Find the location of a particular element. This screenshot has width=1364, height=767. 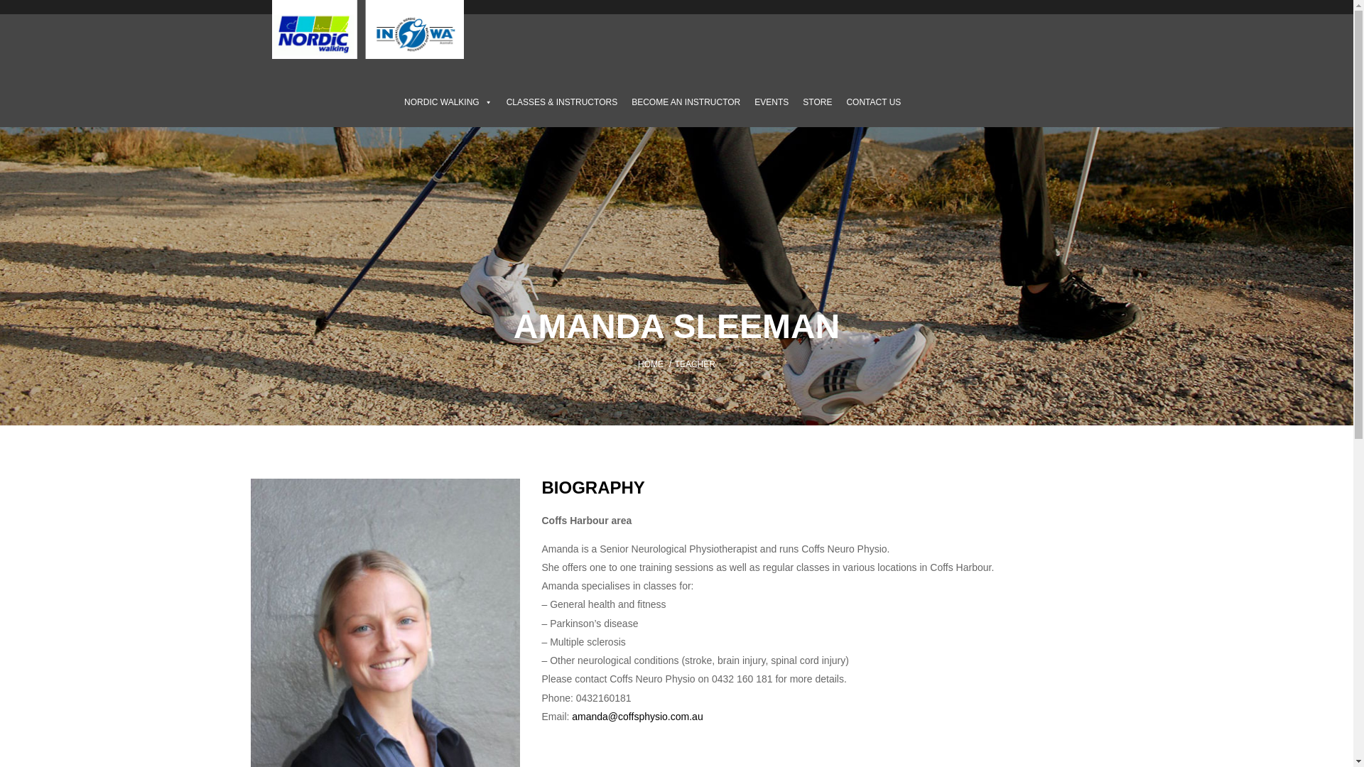

'CLASSES & INSTRUCTORS' is located at coordinates (561, 101).